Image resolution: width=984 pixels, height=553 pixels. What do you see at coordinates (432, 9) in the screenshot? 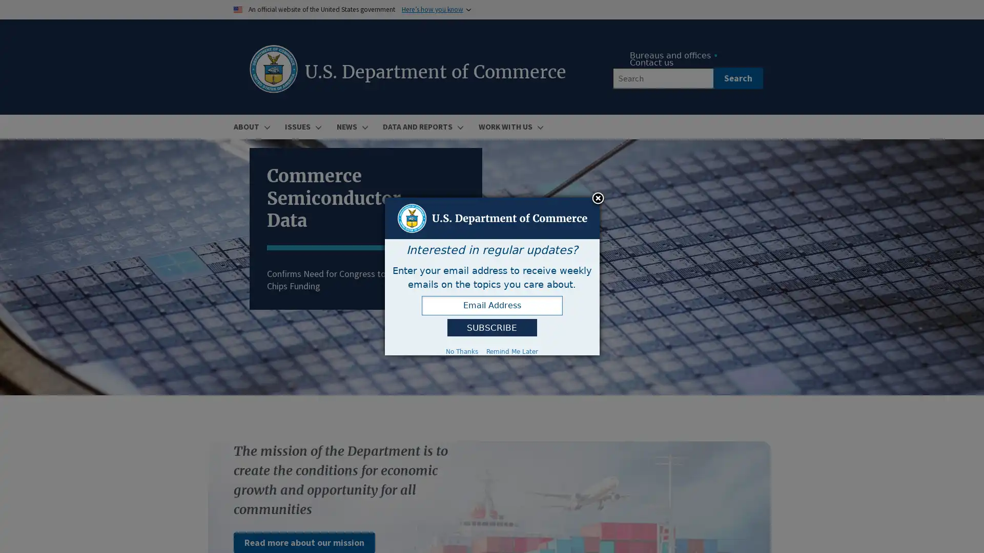
I see `Heres how you know` at bounding box center [432, 9].